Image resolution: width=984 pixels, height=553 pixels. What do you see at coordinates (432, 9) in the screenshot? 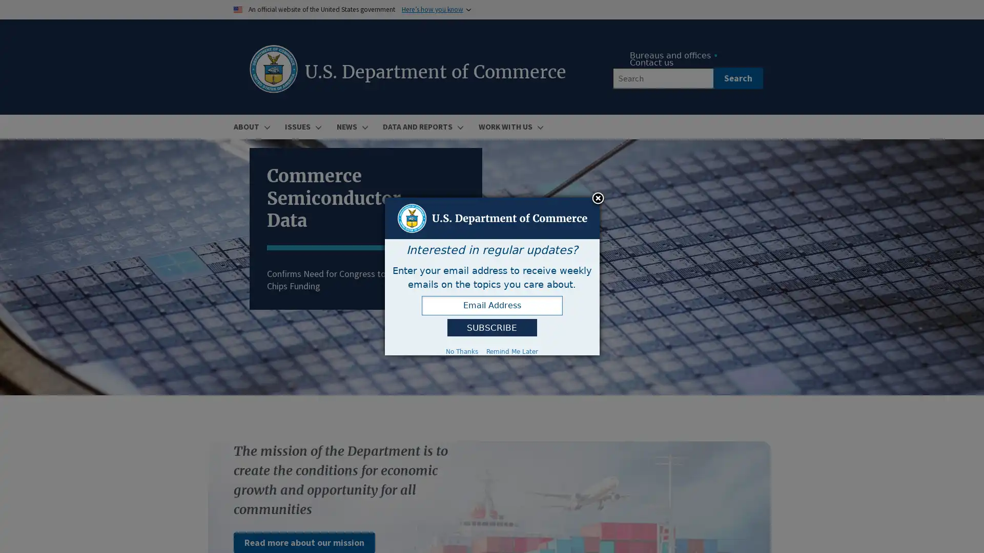
I see `Heres how you know` at bounding box center [432, 9].